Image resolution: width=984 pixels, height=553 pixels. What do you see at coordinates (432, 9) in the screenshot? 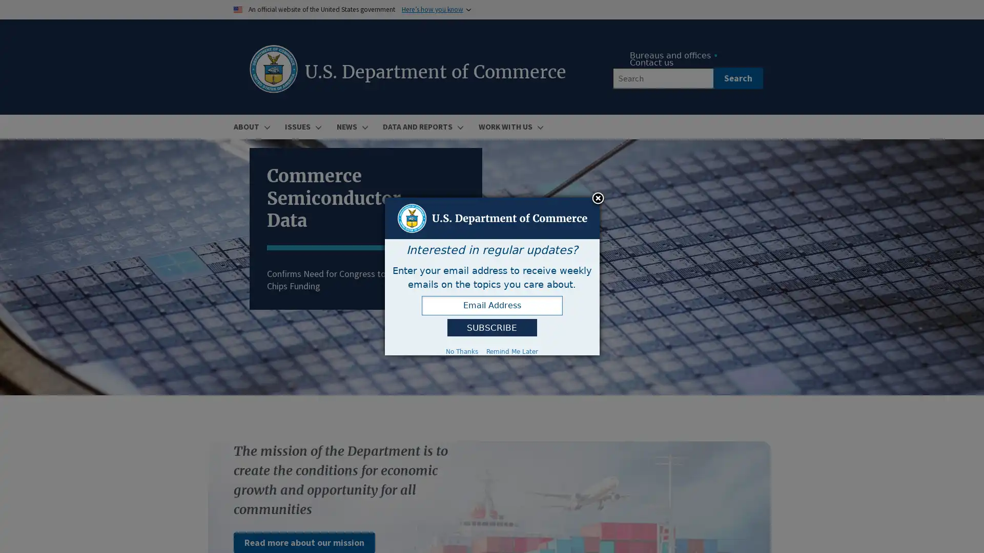
I see `Heres how you know` at bounding box center [432, 9].